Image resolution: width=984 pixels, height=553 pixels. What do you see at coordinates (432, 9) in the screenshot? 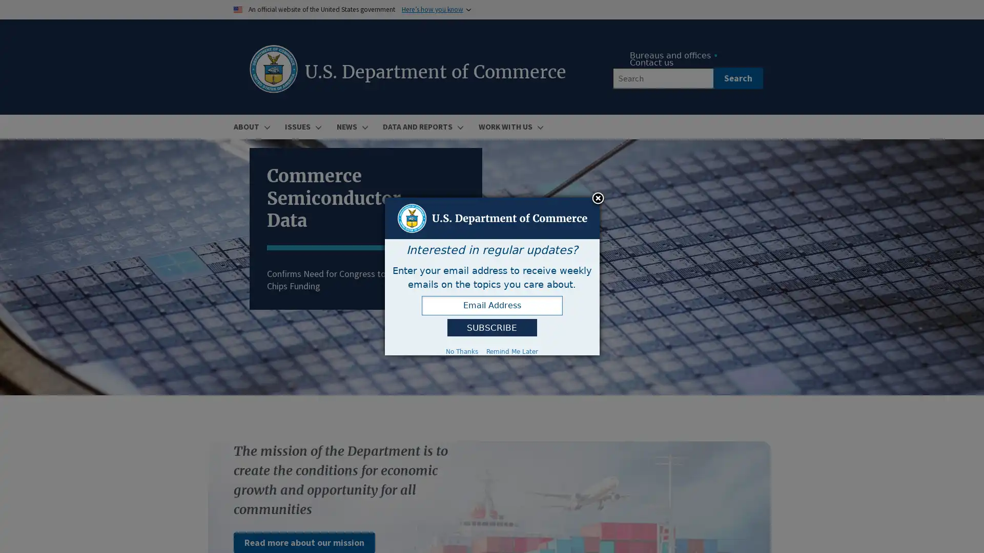
I see `Heres how you know` at bounding box center [432, 9].